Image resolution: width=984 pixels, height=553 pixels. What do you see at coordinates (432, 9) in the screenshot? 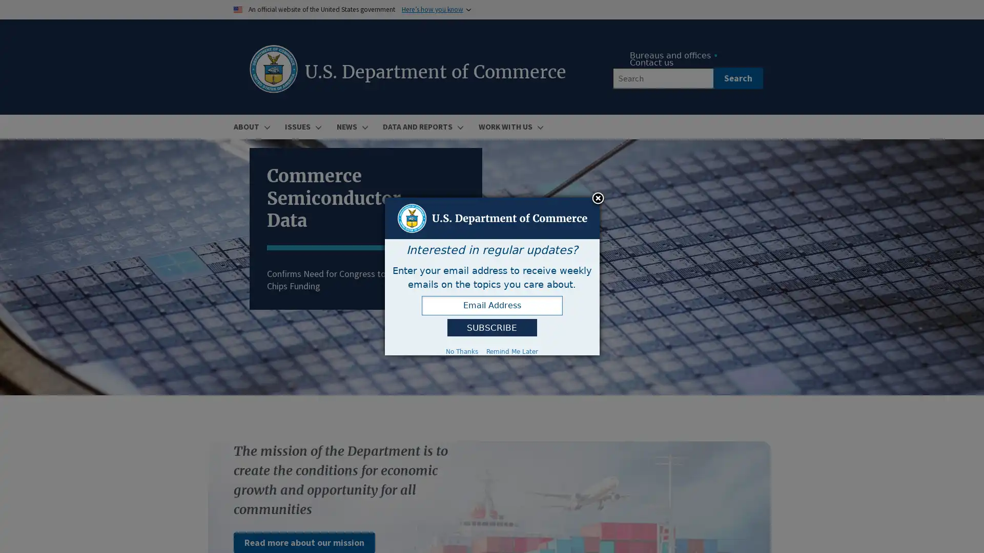
I see `Heres how you know` at bounding box center [432, 9].